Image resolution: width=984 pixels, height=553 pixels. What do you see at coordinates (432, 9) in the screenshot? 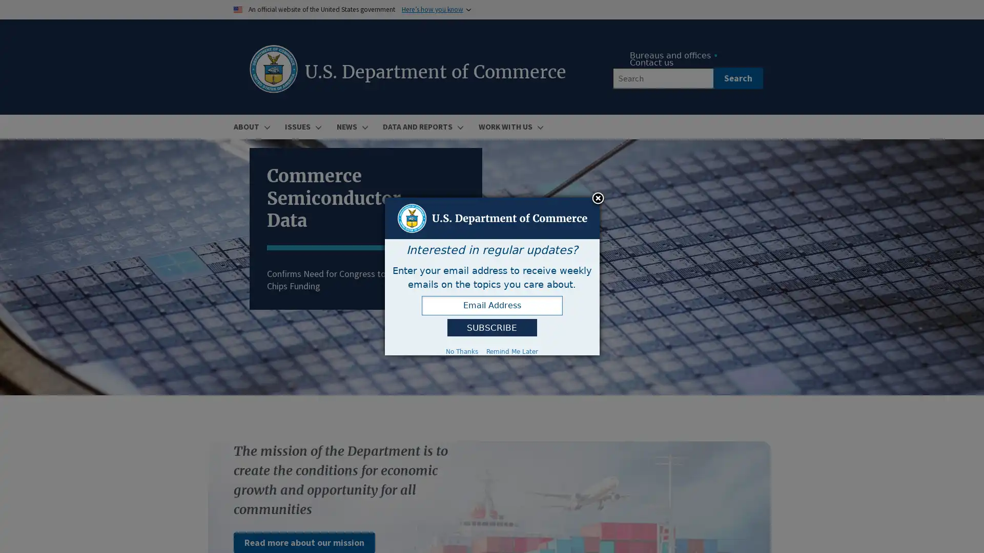
I see `Heres how you know` at bounding box center [432, 9].